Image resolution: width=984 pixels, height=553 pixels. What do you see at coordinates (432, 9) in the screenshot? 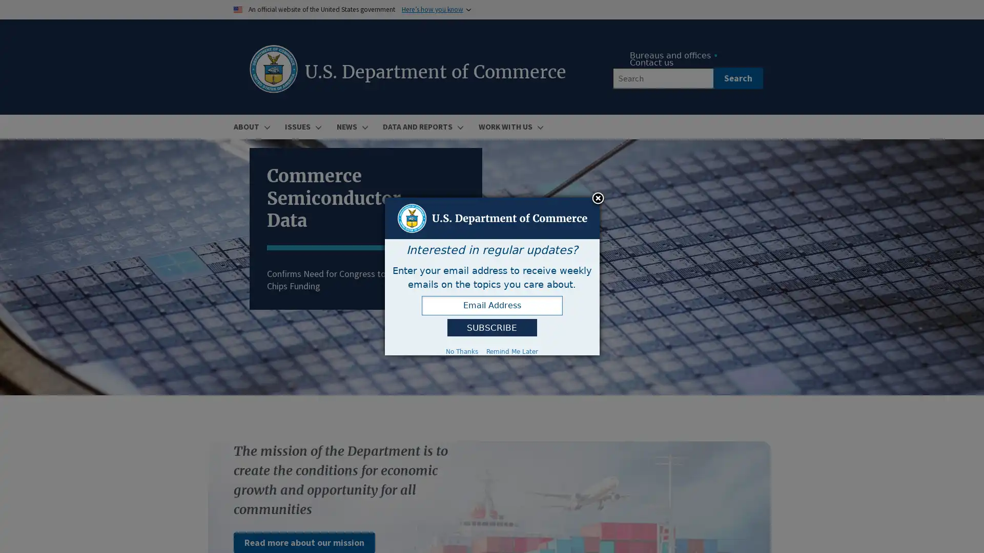
I see `Heres how you know` at bounding box center [432, 9].